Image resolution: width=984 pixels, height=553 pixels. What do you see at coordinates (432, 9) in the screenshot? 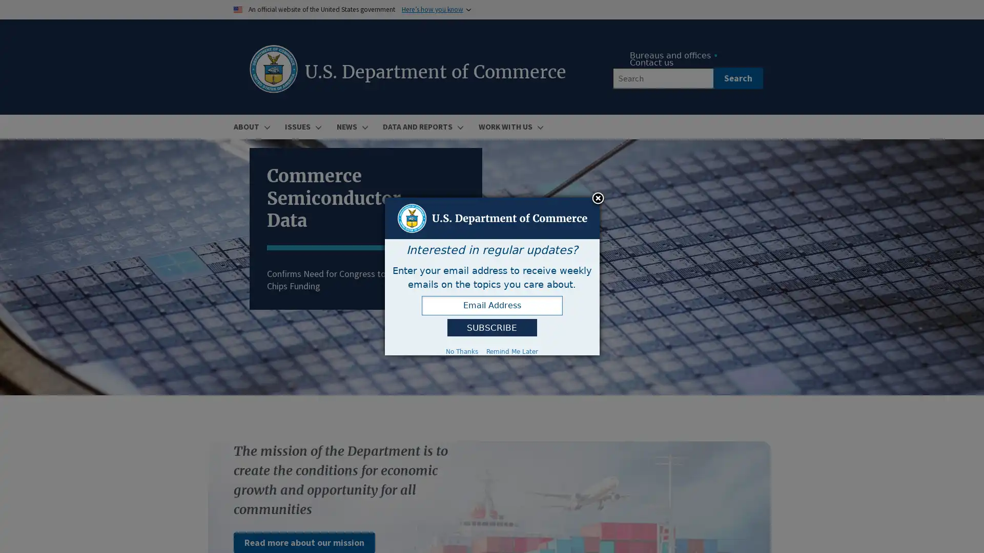
I see `Heres how you know` at bounding box center [432, 9].